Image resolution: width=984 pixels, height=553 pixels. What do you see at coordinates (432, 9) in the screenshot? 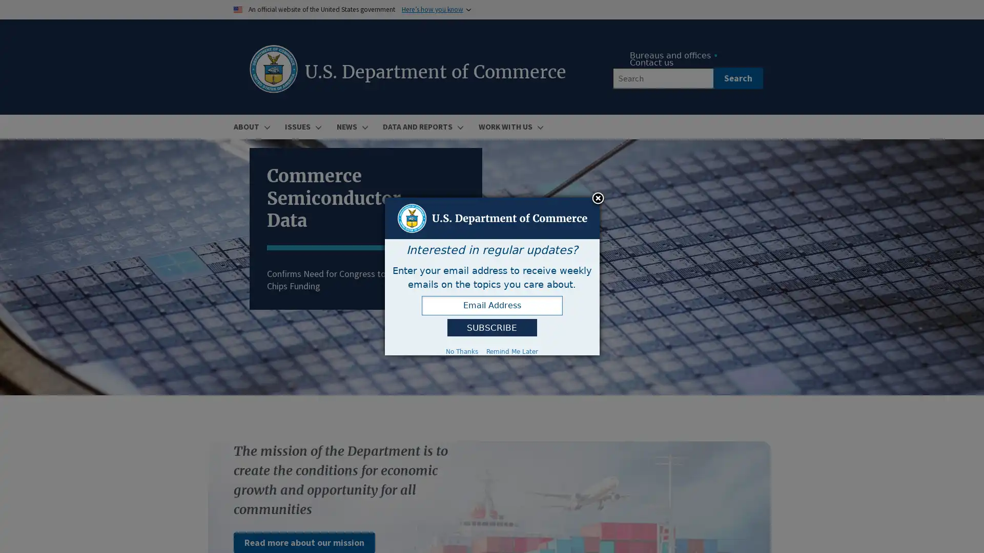
I see `Heres how you know` at bounding box center [432, 9].